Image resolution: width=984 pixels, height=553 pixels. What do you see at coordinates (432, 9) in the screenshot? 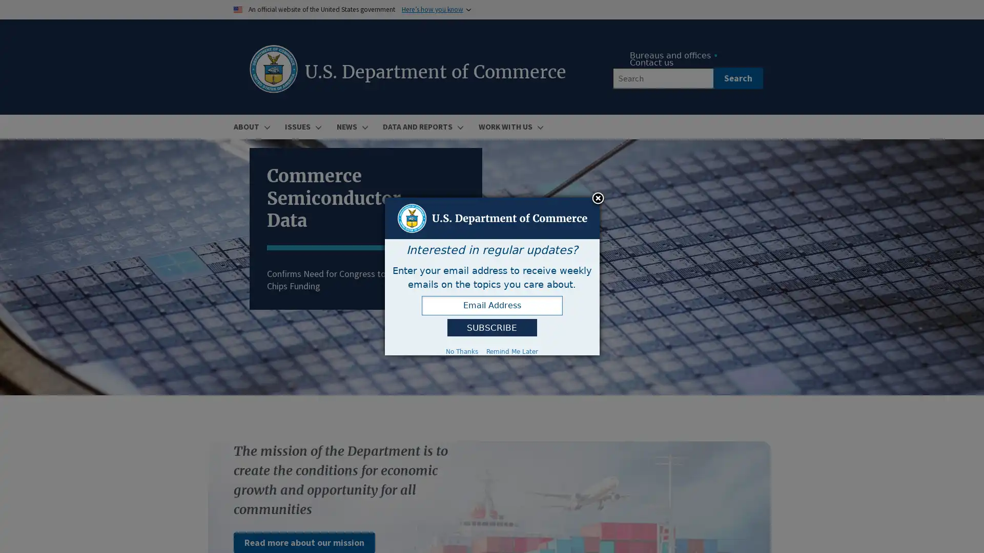
I see `Heres how you know` at bounding box center [432, 9].